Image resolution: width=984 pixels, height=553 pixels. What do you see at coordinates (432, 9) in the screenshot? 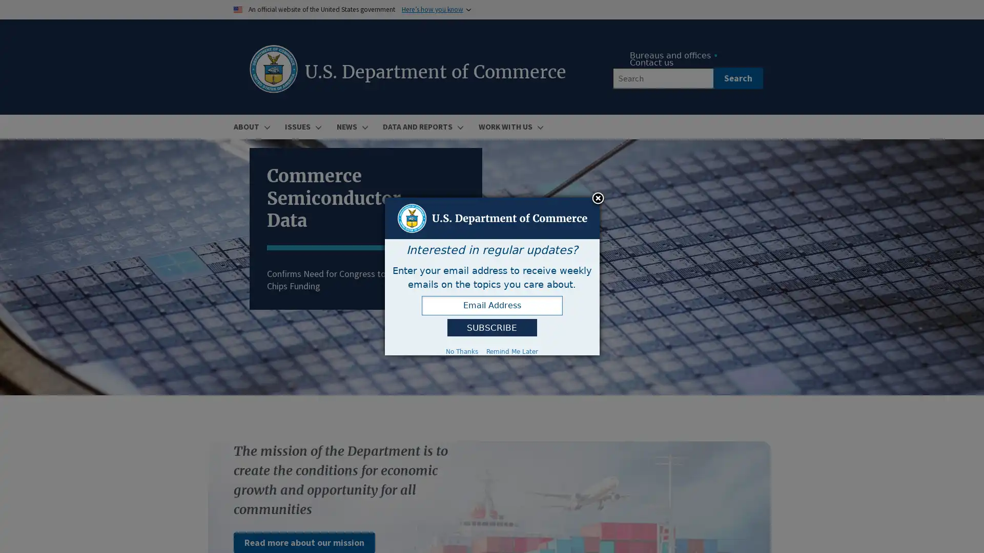
I see `Heres how you know` at bounding box center [432, 9].